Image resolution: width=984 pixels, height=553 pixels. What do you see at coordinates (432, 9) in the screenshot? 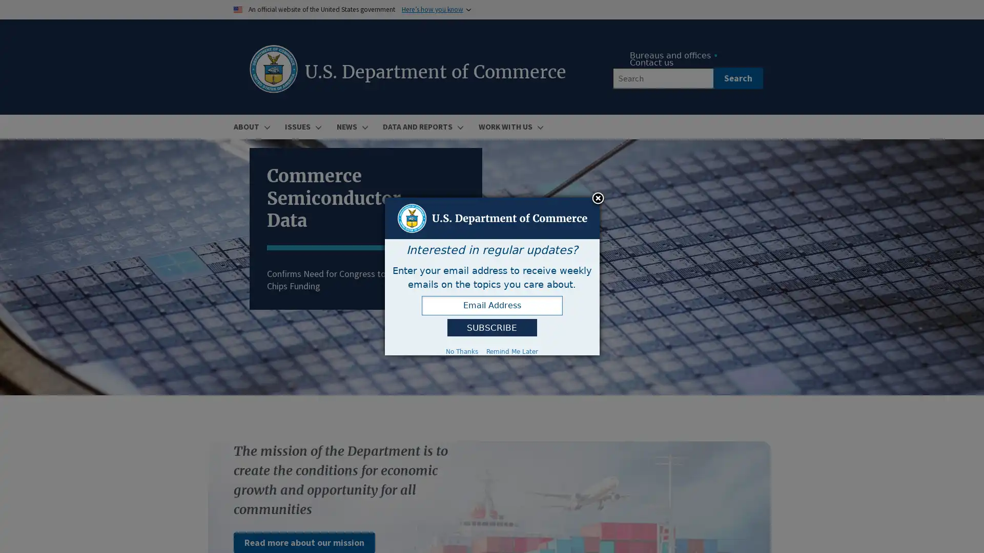
I see `Heres how you know` at bounding box center [432, 9].